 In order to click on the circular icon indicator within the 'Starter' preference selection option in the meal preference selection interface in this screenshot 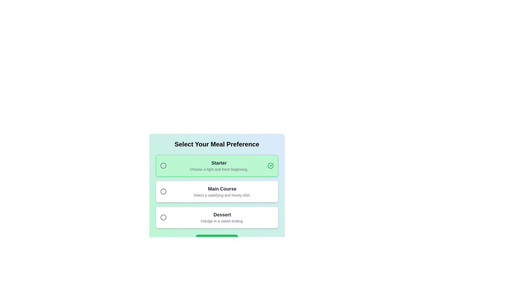, I will do `click(163, 165)`.